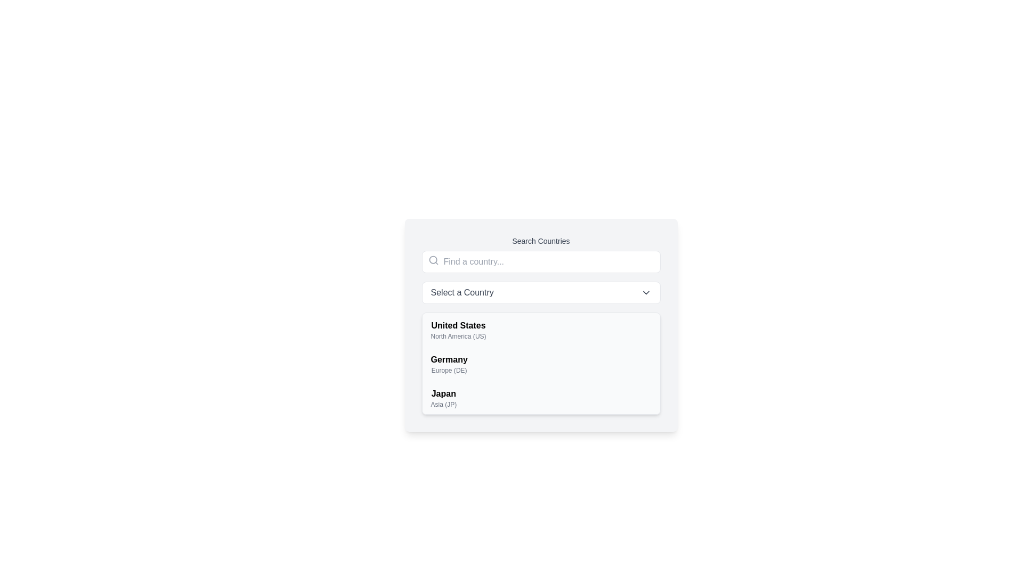 Image resolution: width=1023 pixels, height=575 pixels. Describe the element at coordinates (433, 260) in the screenshot. I see `the magnifying glass icon that indicates the search functionality, located inside the search input field's placeholder area, on the leftmost side` at that location.